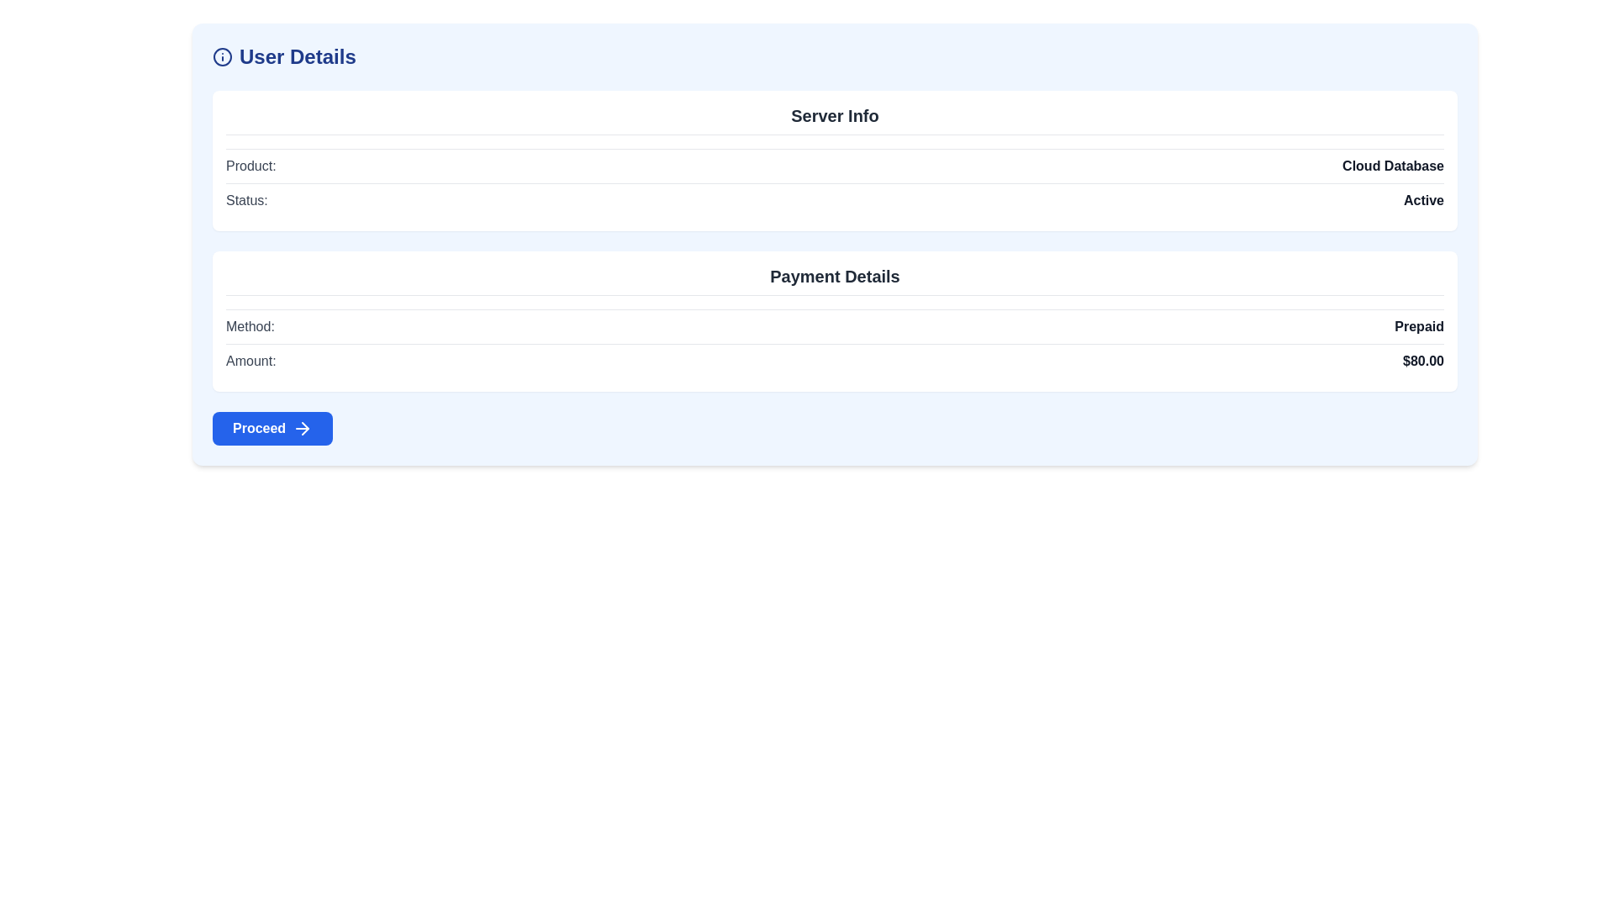 Image resolution: width=1614 pixels, height=908 pixels. I want to click on the arrow icon that indicates direction, which is part of the 'Proceed' button's SVG icon with class 'lucide-arrow-right', so click(305, 427).